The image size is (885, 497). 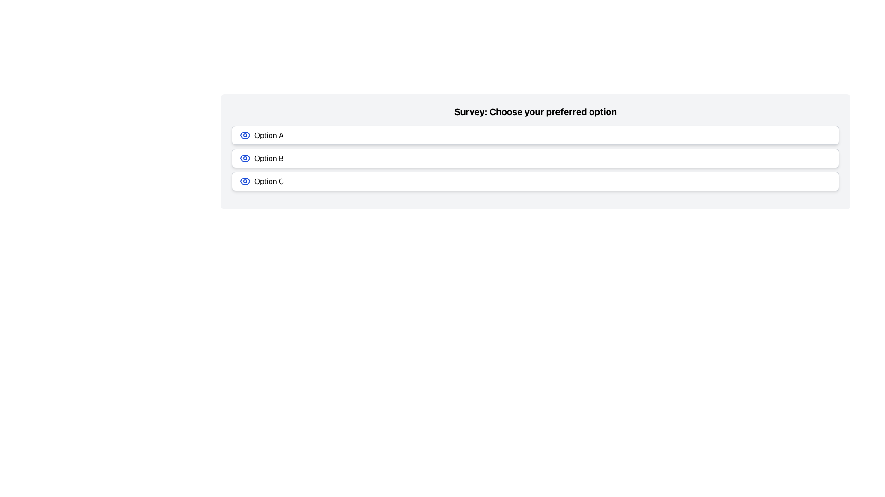 What do you see at coordinates (245, 135) in the screenshot?
I see `the eye-shaped icon with a blue outline located in 'Option A' on the left side of the text label` at bounding box center [245, 135].